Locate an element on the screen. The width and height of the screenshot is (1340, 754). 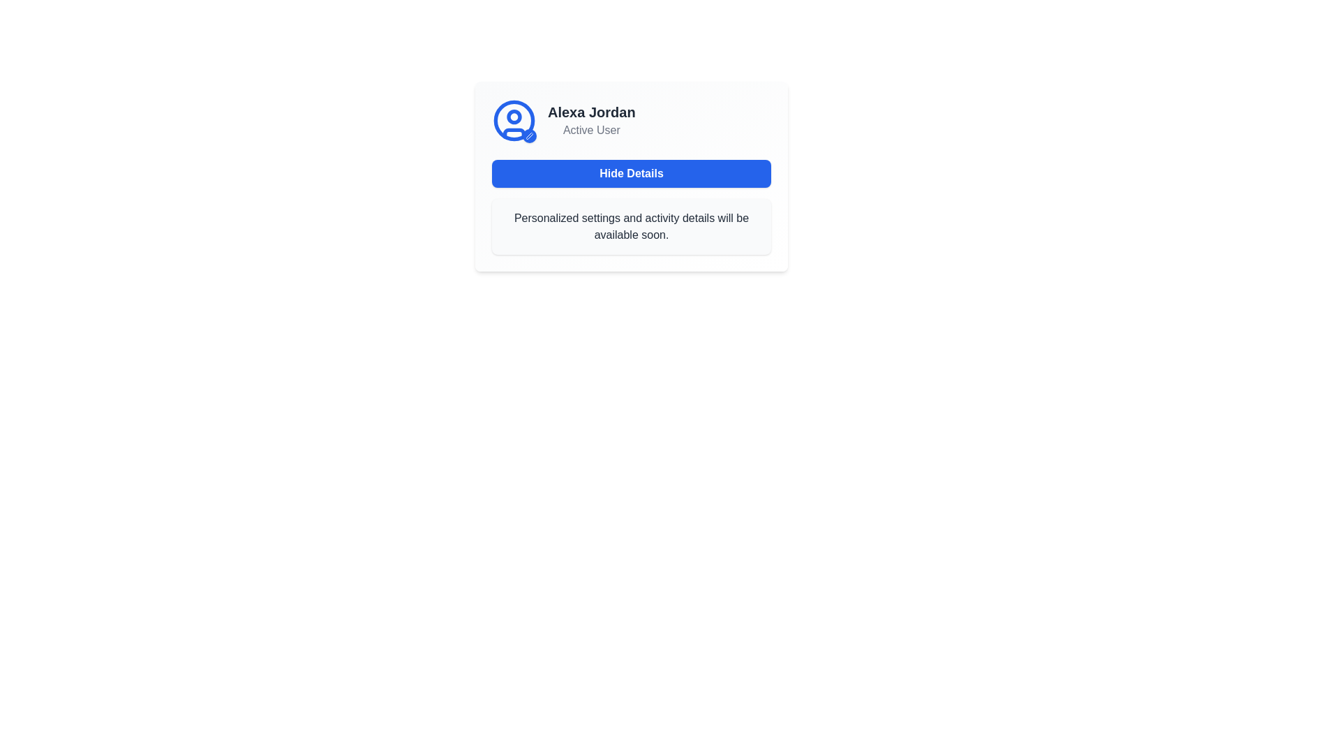
the edit icon button located at the bottom-right corner of the profile illustration on the card to initiate the edit action is located at coordinates (528, 136).